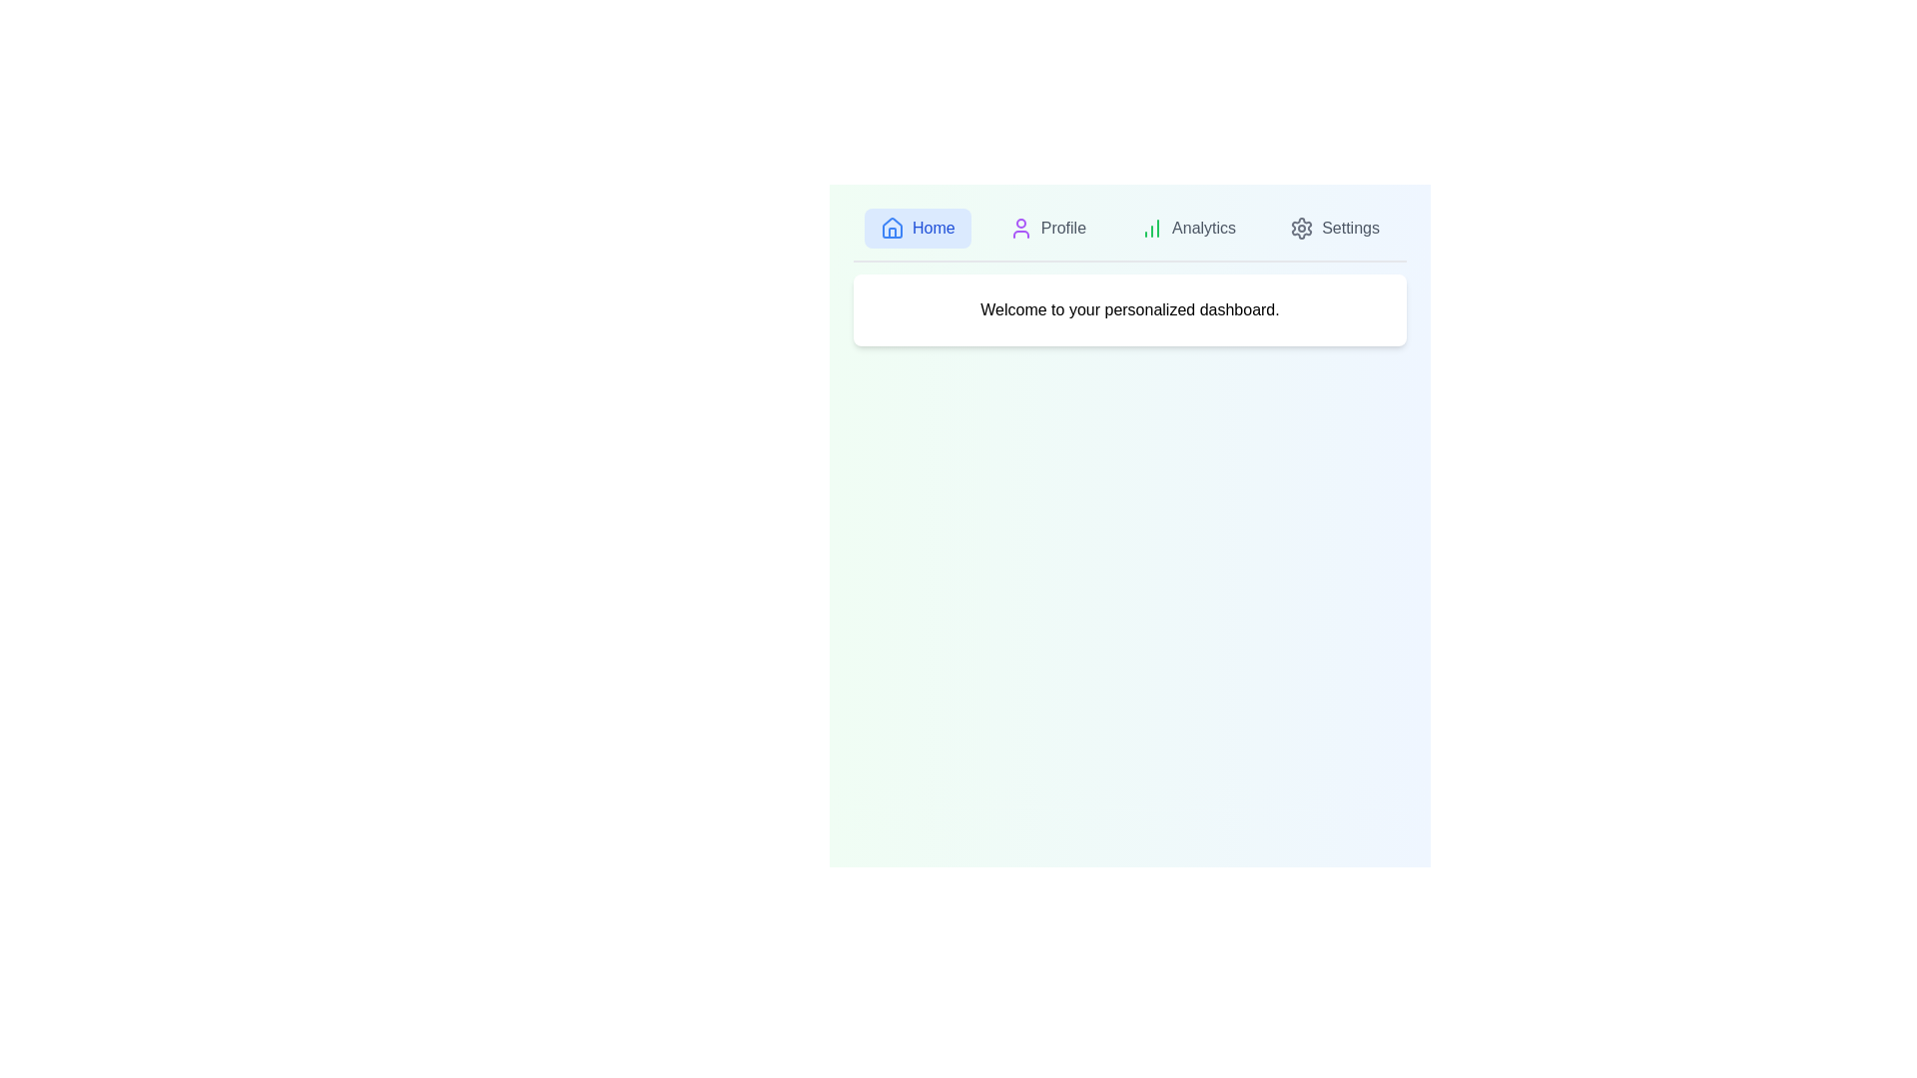 The height and width of the screenshot is (1078, 1917). What do you see at coordinates (1046, 227) in the screenshot?
I see `the Profile tab to view its hover effect` at bounding box center [1046, 227].